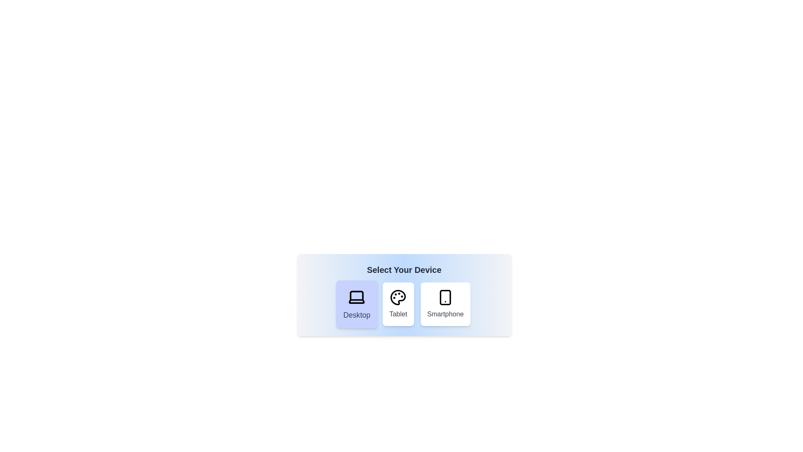  Describe the element at coordinates (398, 297) in the screenshot. I see `the 'Tablet' icon element in the device selection menu, which is visually represented as the backdrop of the color palette icon, positioned centrally between the 'Desktop' and 'Smartphone' buttons` at that location.